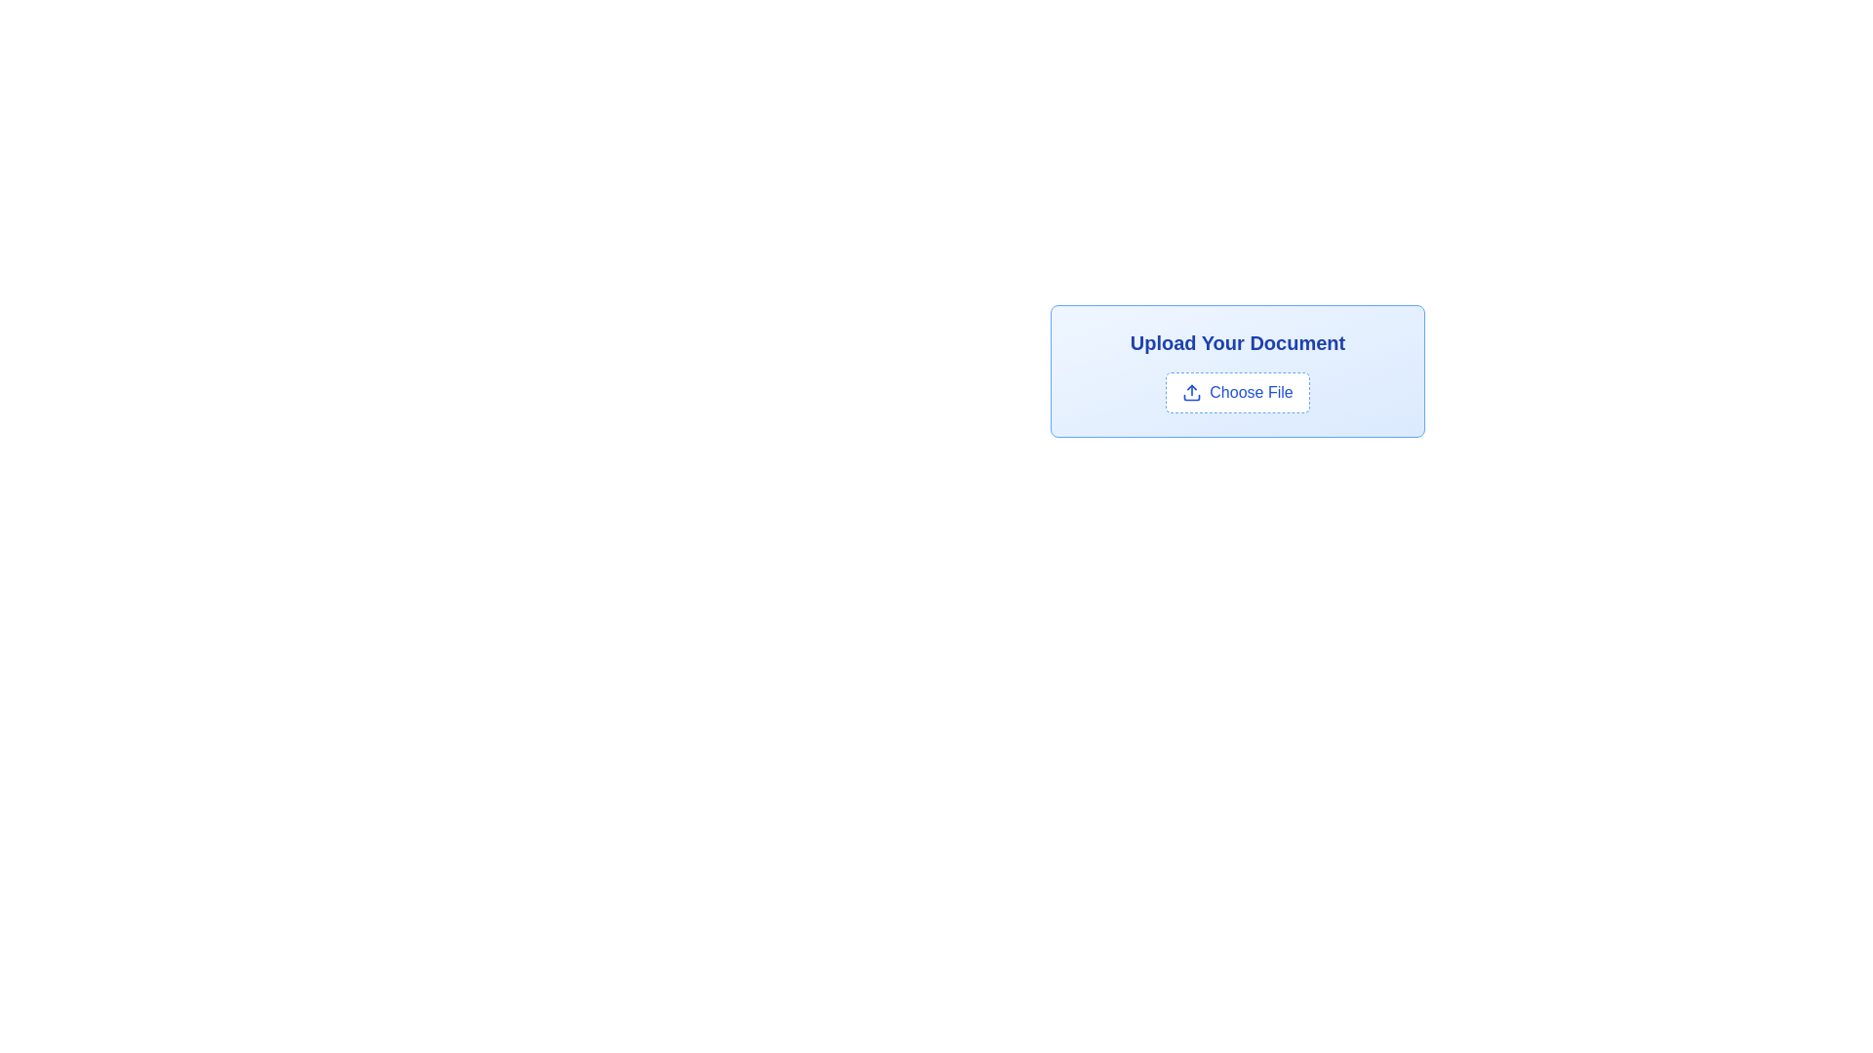  I want to click on the upload icon, which features an upward arrow above a horizontal line, located to the left of the 'Choose File' button, so click(1191, 392).